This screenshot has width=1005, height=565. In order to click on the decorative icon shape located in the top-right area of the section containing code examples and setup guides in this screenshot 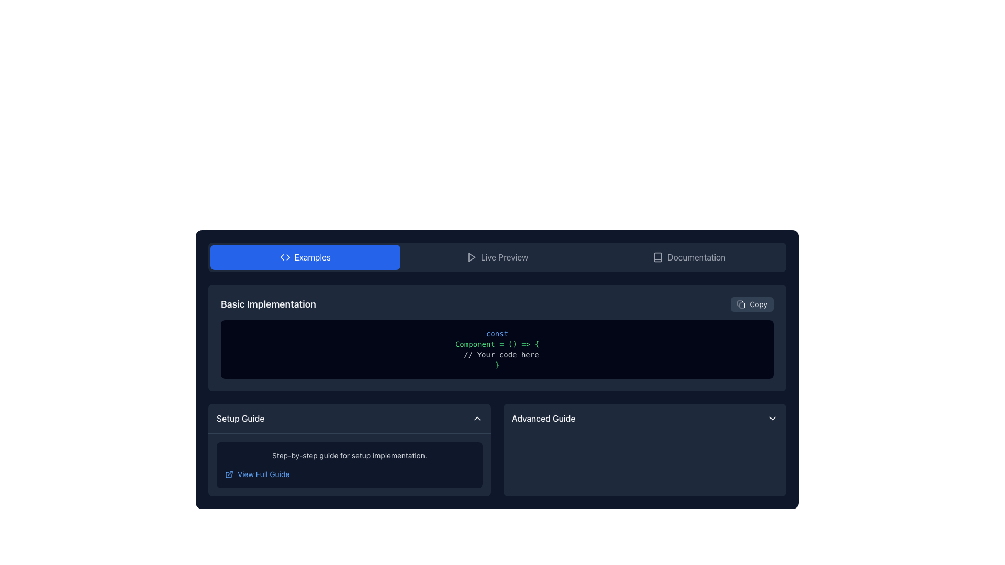, I will do `click(742, 305)`.